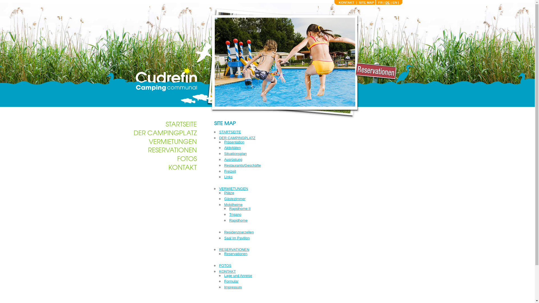 The width and height of the screenshot is (539, 303). Describe the element at coordinates (228, 177) in the screenshot. I see `'Links'` at that location.